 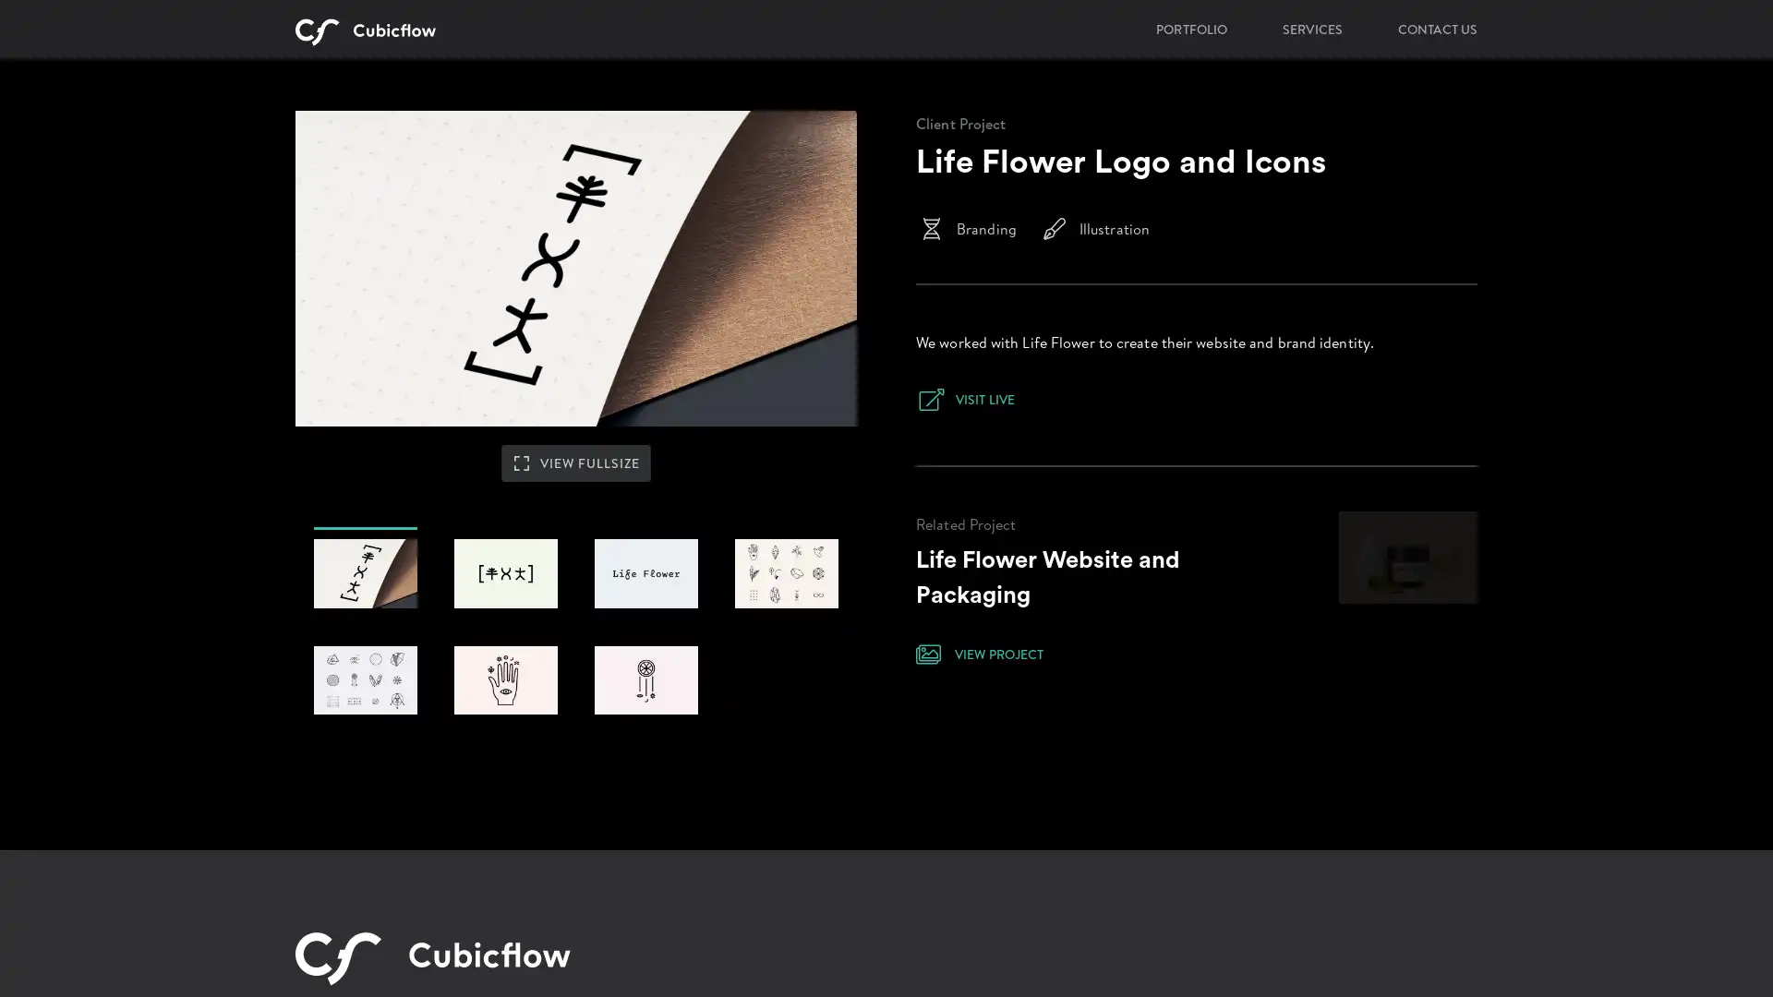 I want to click on #, so click(x=505, y=636).